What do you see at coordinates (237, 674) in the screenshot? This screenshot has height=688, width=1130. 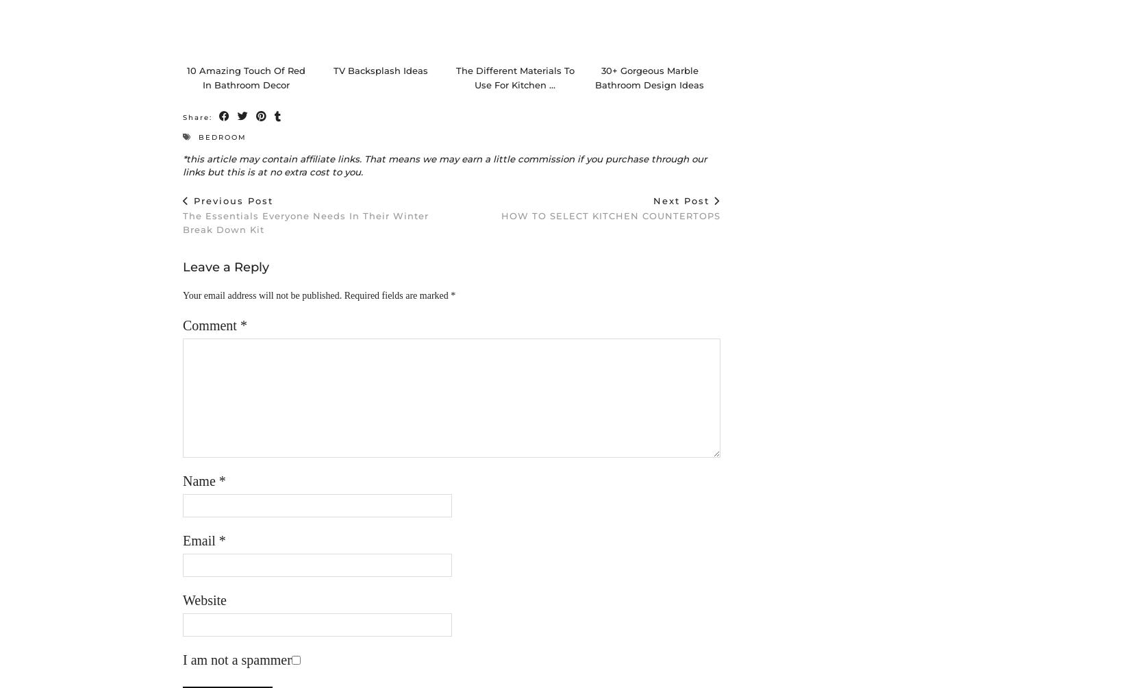 I see `'I am not a spammer'` at bounding box center [237, 674].